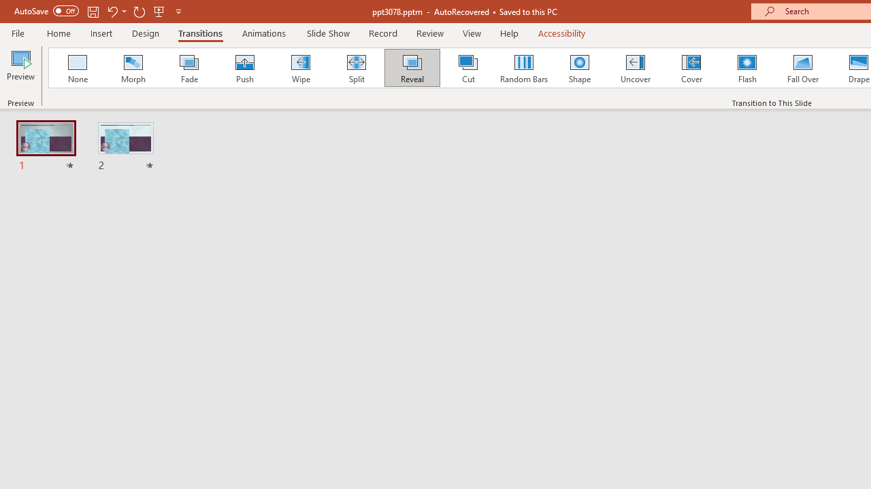 Image resolution: width=871 pixels, height=489 pixels. I want to click on 'Fade', so click(188, 68).